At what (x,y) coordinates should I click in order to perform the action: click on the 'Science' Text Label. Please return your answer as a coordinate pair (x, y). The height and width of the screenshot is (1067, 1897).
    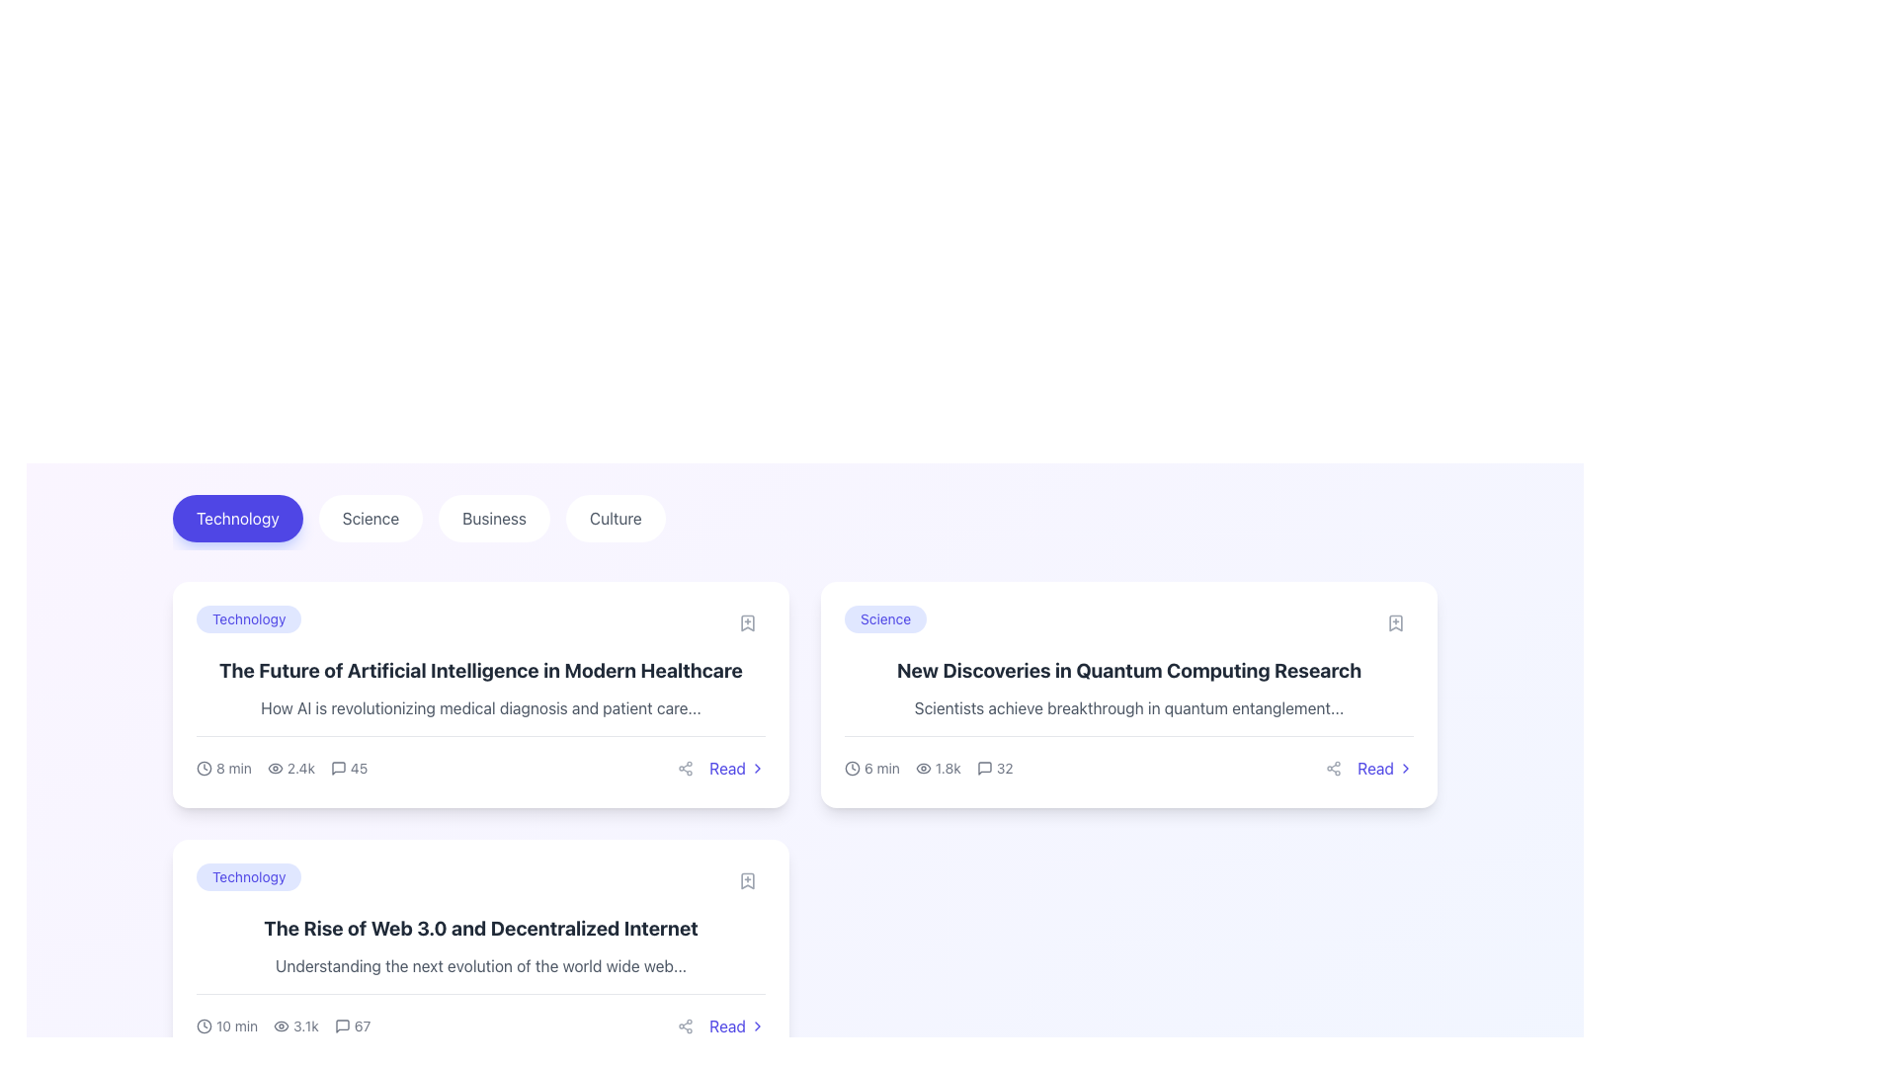
    Looking at the image, I should click on (884, 618).